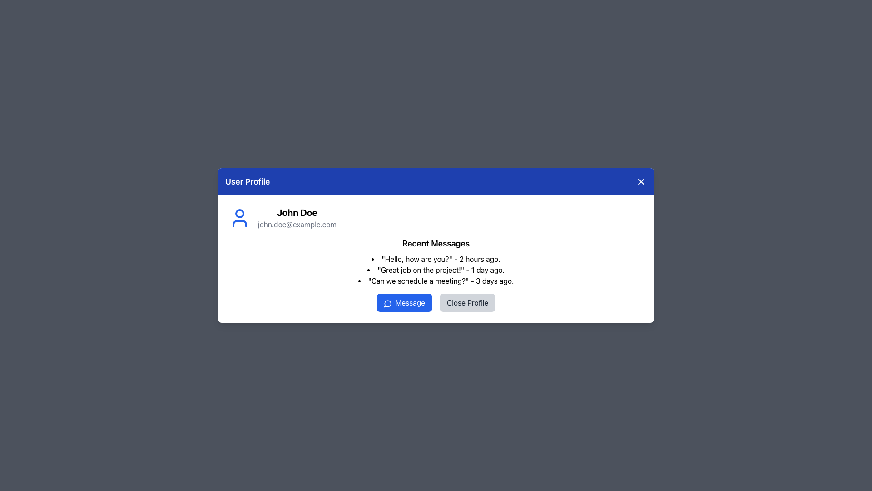 Image resolution: width=872 pixels, height=491 pixels. Describe the element at coordinates (436, 280) in the screenshot. I see `the last entry in the 'Recent Messages' list, which reads '"Can we schedule a meeting?" - 3 days ago.' This entry is styled with a bullet point and is the third item in the list under 'John Doe.'` at that location.